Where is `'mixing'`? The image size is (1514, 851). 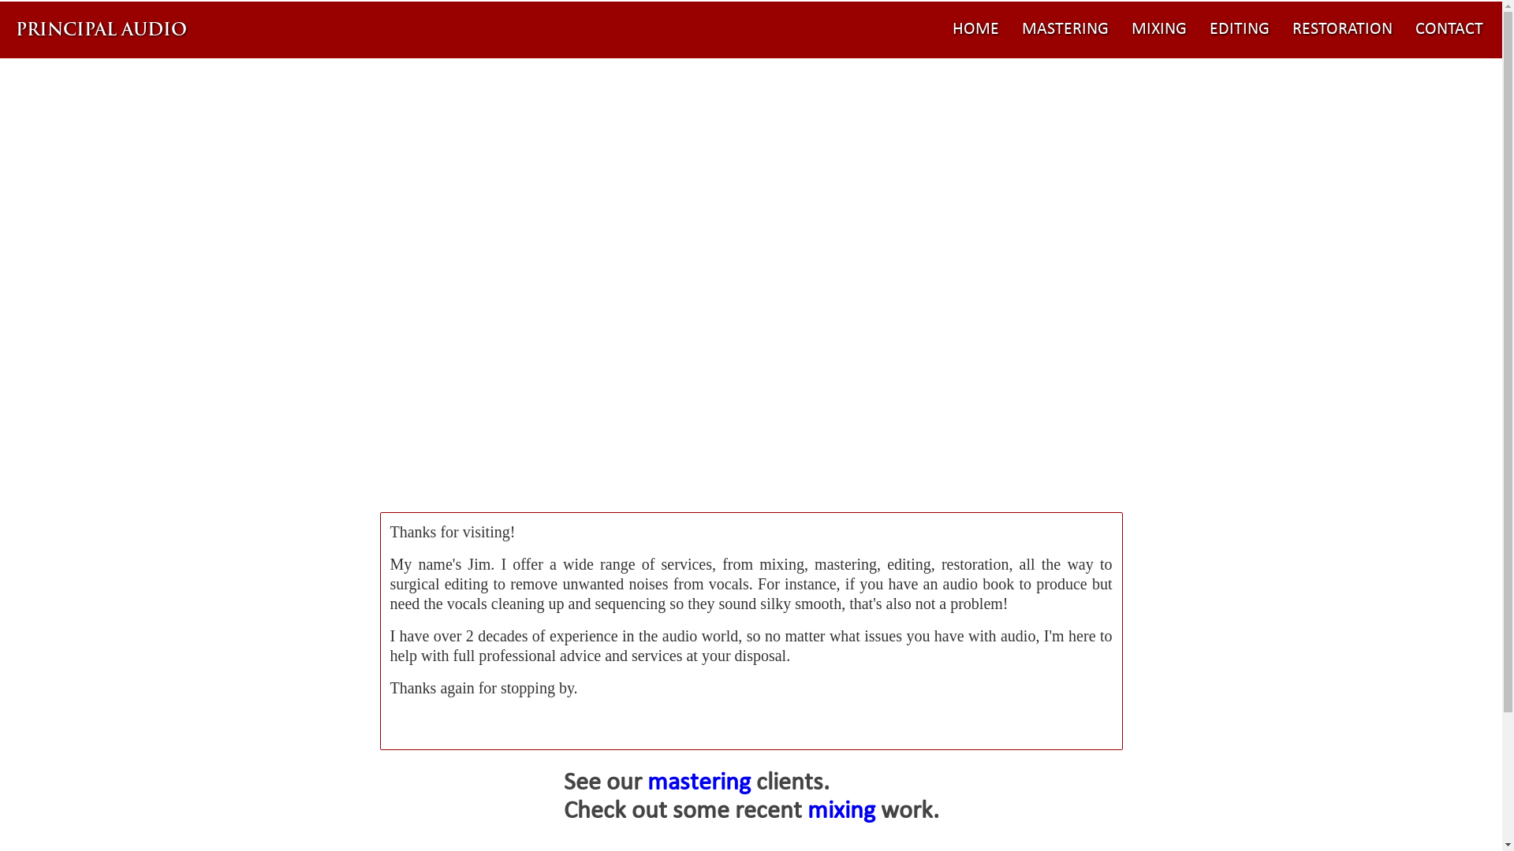
'mixing' is located at coordinates (840, 811).